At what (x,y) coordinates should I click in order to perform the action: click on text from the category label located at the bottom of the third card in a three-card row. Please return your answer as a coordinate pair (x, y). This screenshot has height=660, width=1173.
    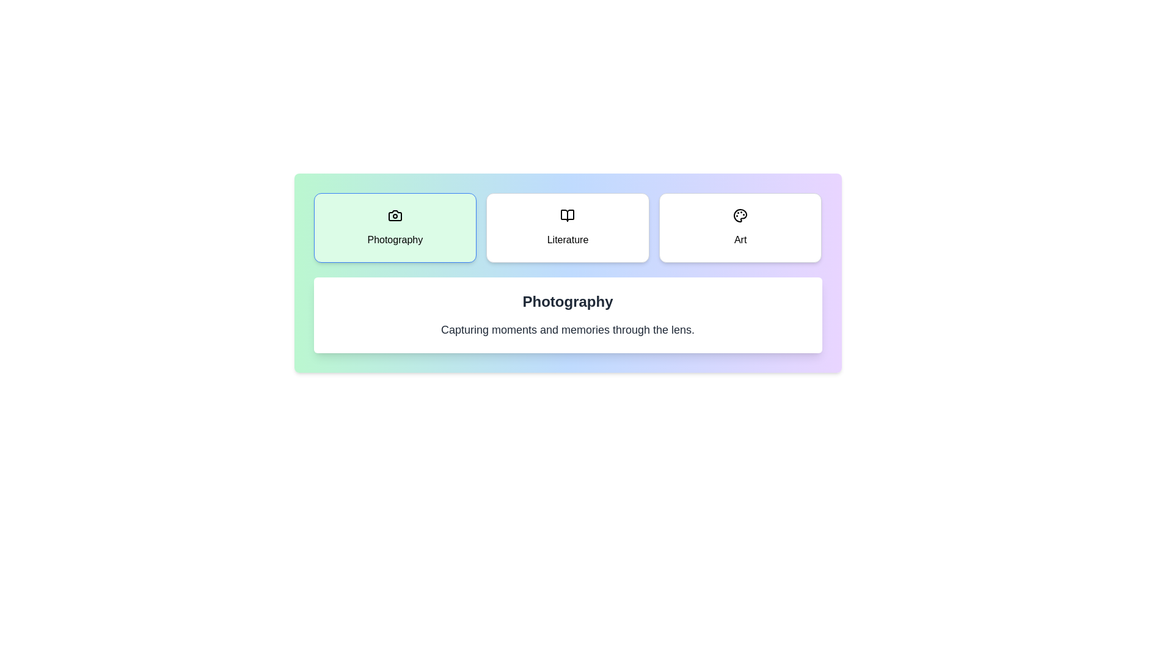
    Looking at the image, I should click on (740, 240).